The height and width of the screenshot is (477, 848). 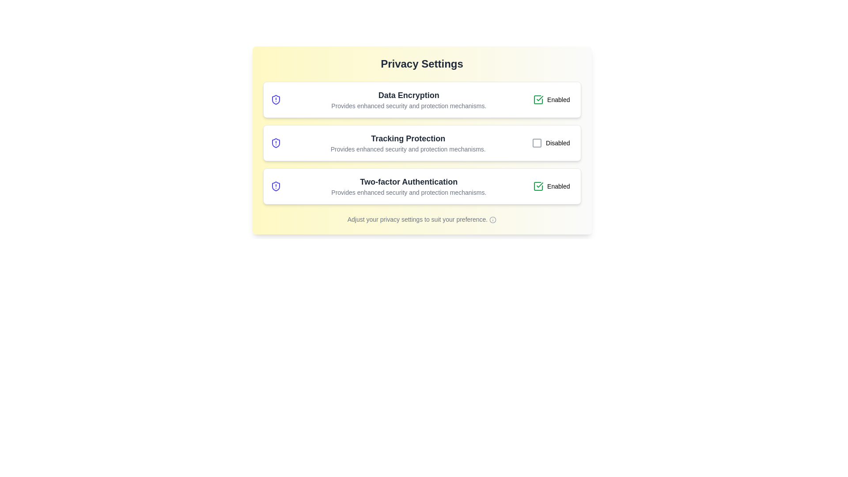 What do you see at coordinates (275, 185) in the screenshot?
I see `the Decorative Icon indicating the 'Two-factor Authentication' section to emphasize its importance` at bounding box center [275, 185].